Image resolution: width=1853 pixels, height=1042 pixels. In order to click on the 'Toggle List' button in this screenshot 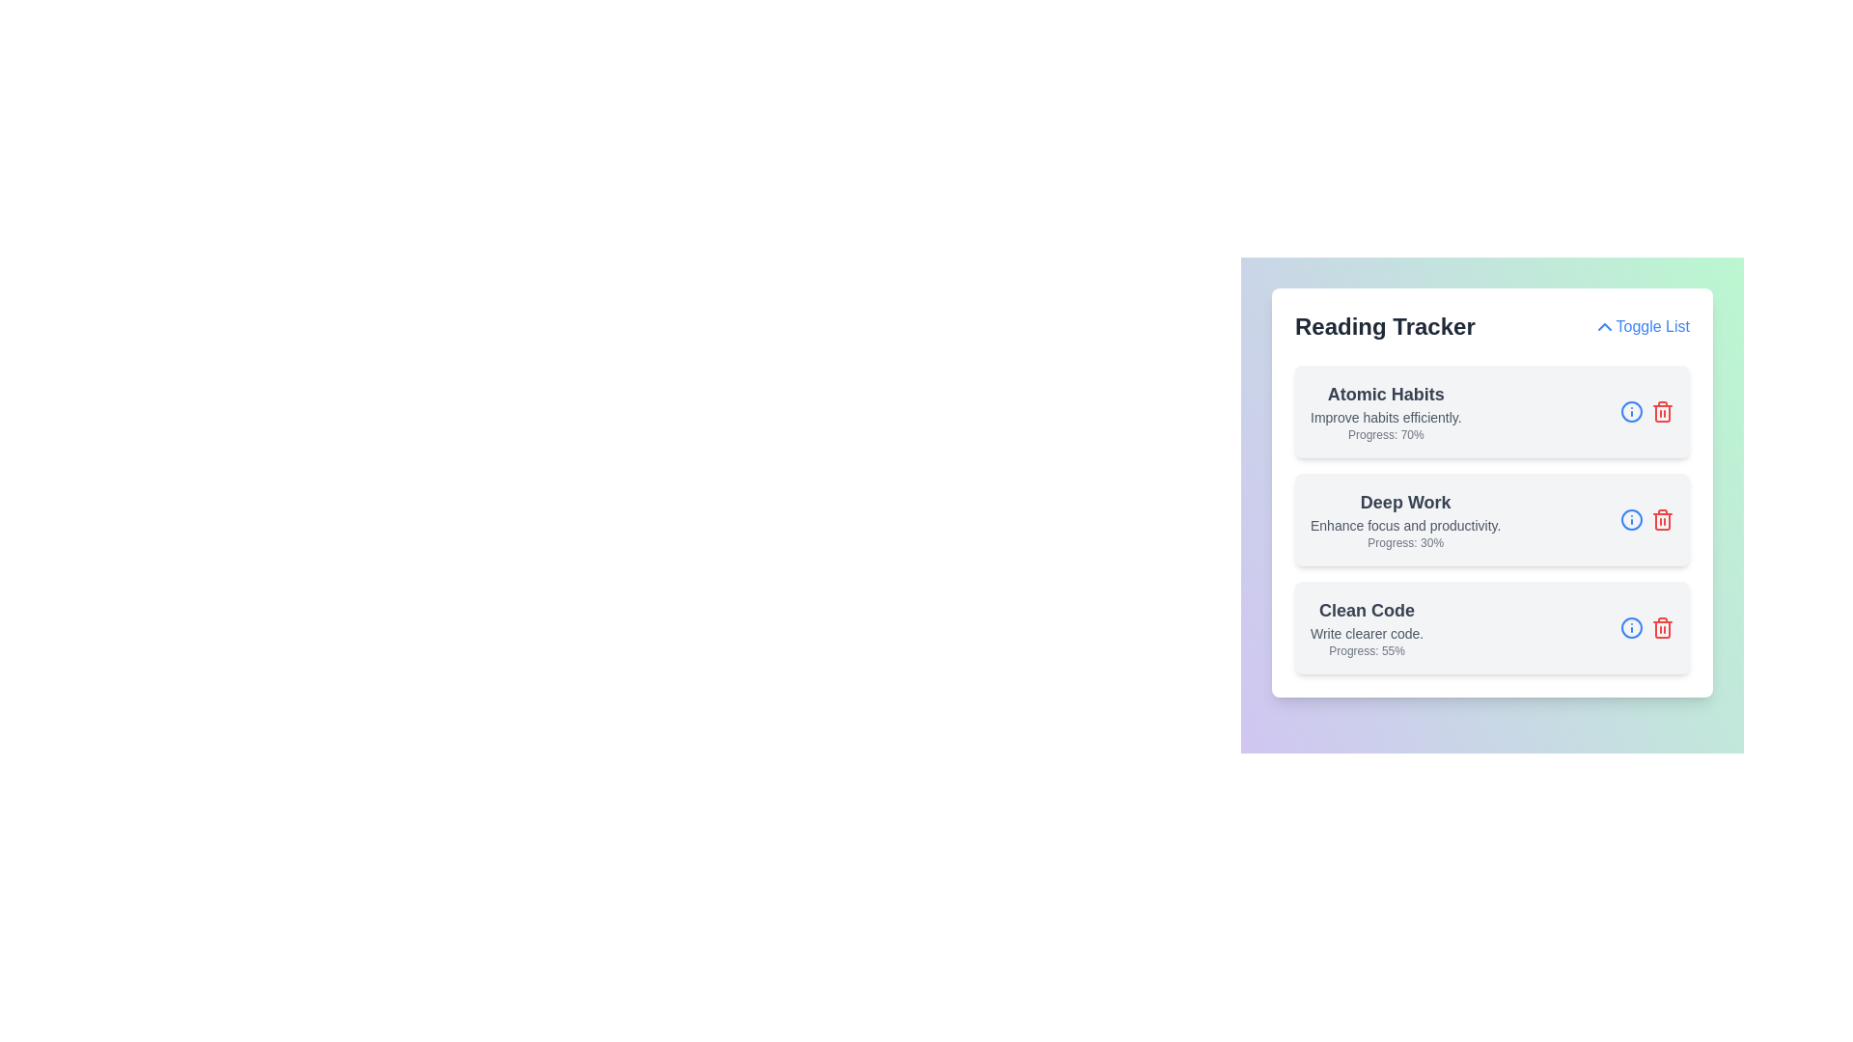, I will do `click(1640, 326)`.